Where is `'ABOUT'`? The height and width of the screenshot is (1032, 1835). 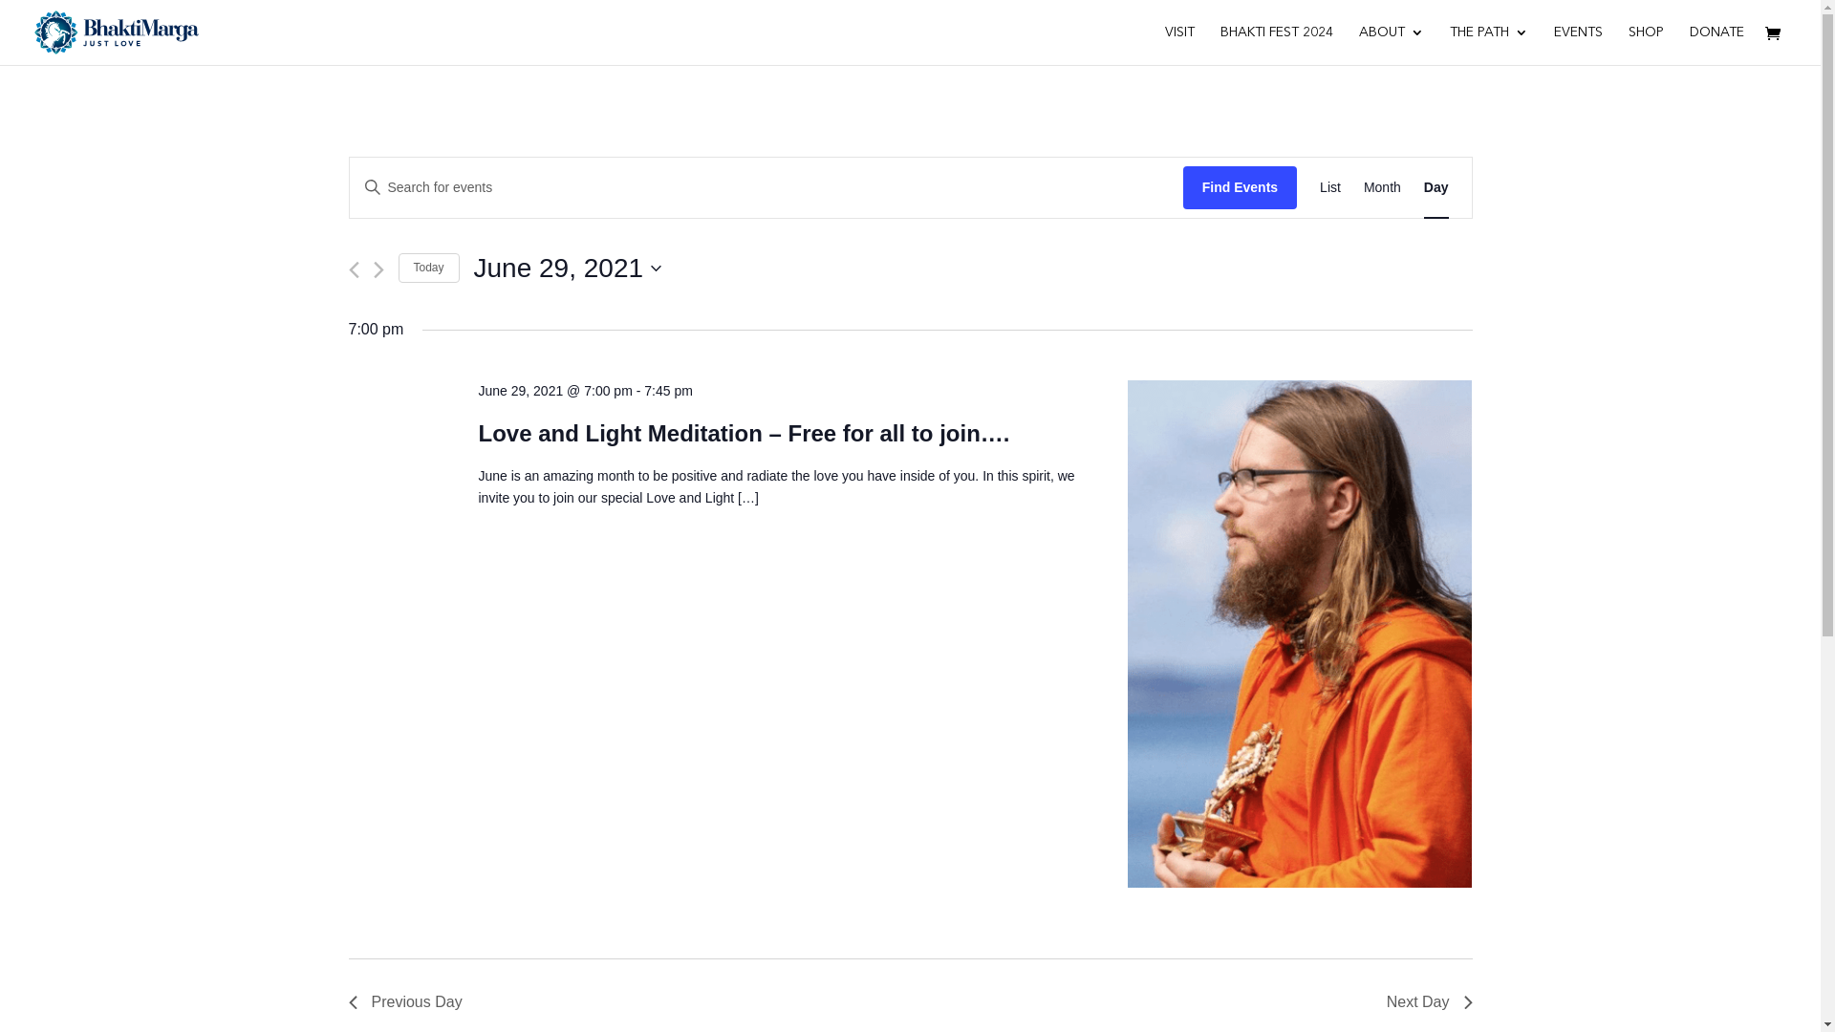 'ABOUT' is located at coordinates (1391, 44).